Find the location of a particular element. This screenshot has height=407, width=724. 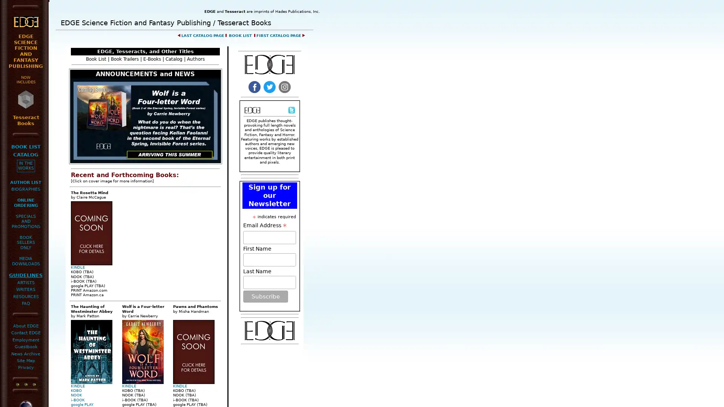

Subscribe is located at coordinates (265, 296).